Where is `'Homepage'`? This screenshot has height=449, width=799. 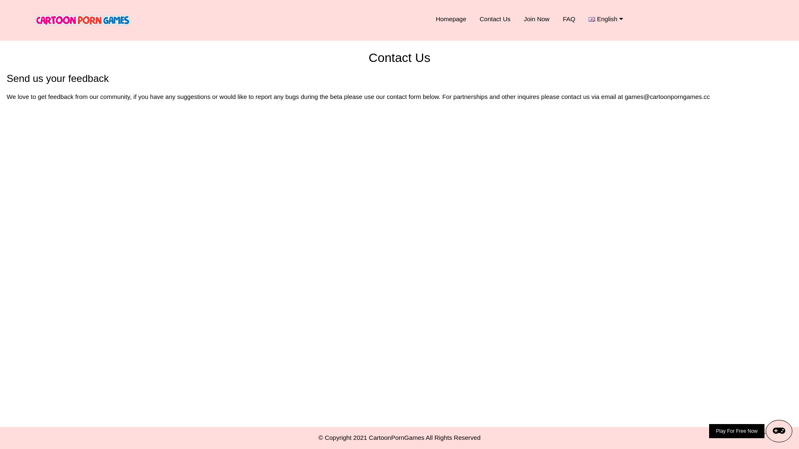 'Homepage' is located at coordinates (450, 19).